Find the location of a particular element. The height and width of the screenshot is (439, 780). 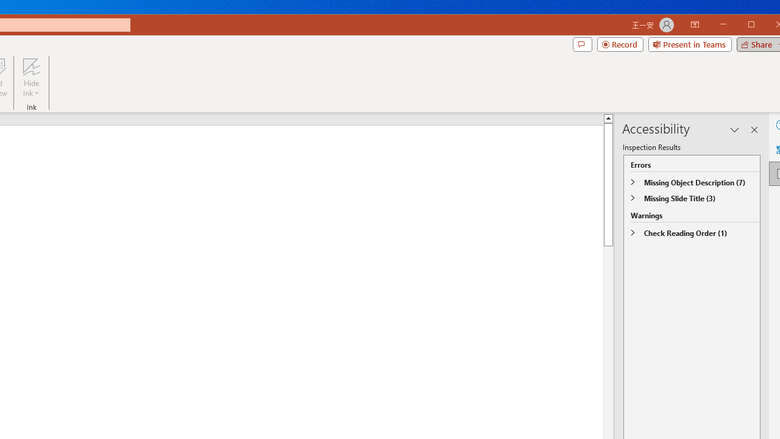

'Hide Ink' is located at coordinates (31, 77).